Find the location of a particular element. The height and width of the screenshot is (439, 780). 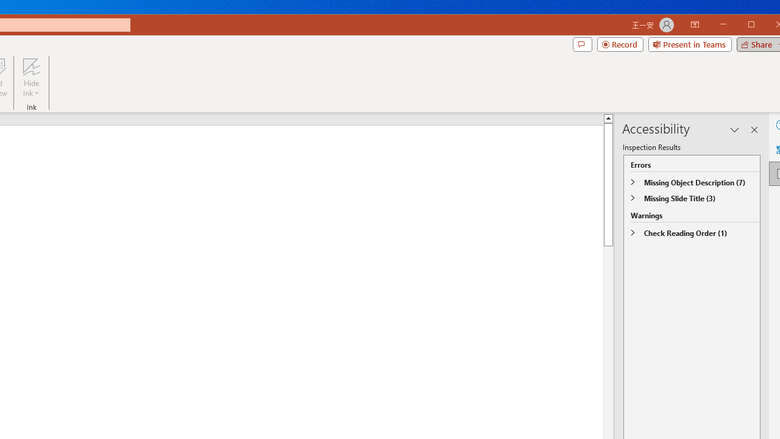

'Hide Ink' is located at coordinates (31, 77).